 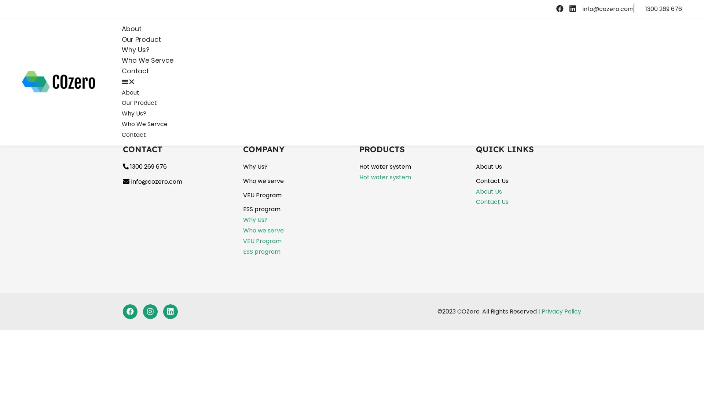 I want to click on 'ESS program', so click(x=261, y=251).